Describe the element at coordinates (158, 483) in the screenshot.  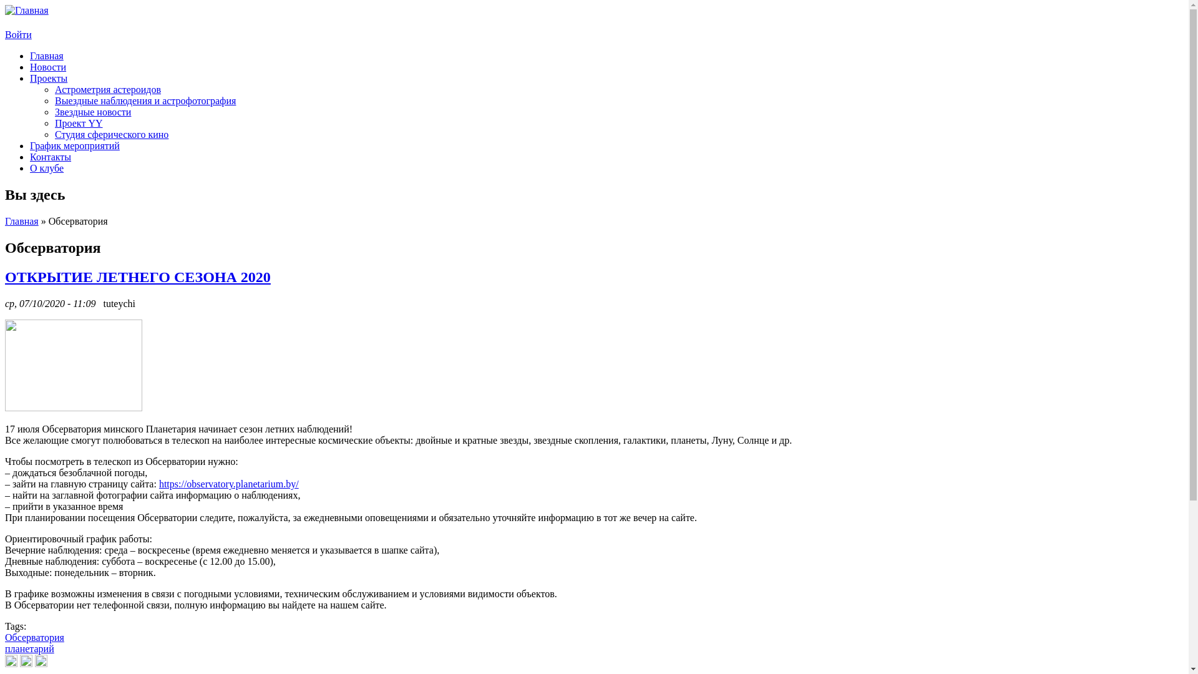
I see `'https://observatory.planetarium.by/'` at that location.